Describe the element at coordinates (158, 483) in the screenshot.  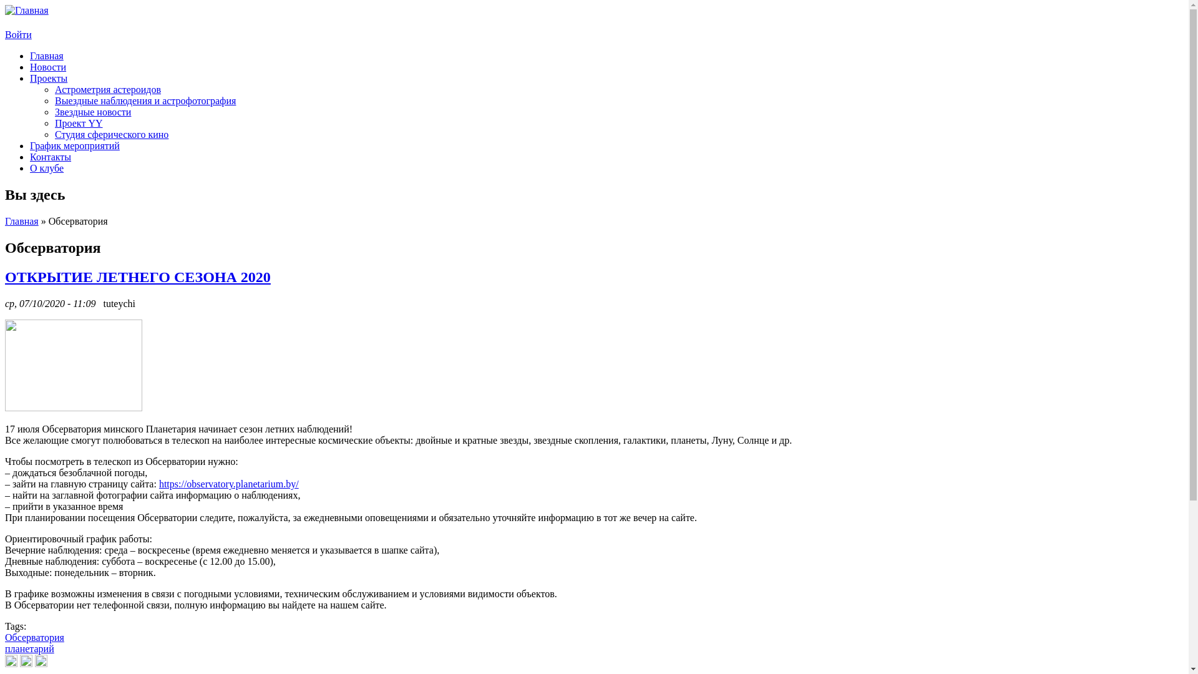
I see `'https://observatory.planetarium.by/'` at that location.